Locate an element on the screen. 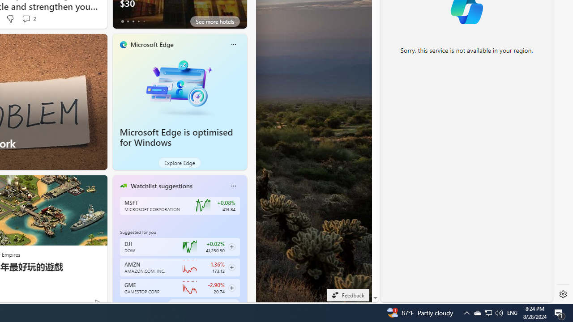 This screenshot has width=573, height=322. 'See more hotels' is located at coordinates (215, 21).